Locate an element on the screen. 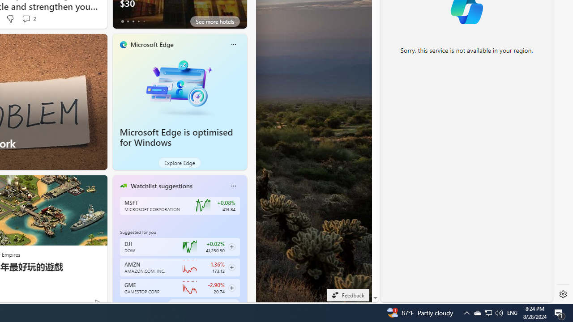 This screenshot has width=573, height=322. 'See more hotels' is located at coordinates (215, 21).